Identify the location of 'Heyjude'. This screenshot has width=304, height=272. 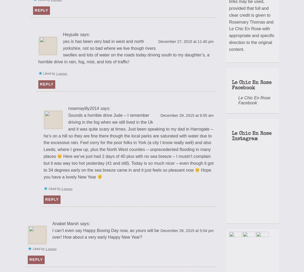
(70, 34).